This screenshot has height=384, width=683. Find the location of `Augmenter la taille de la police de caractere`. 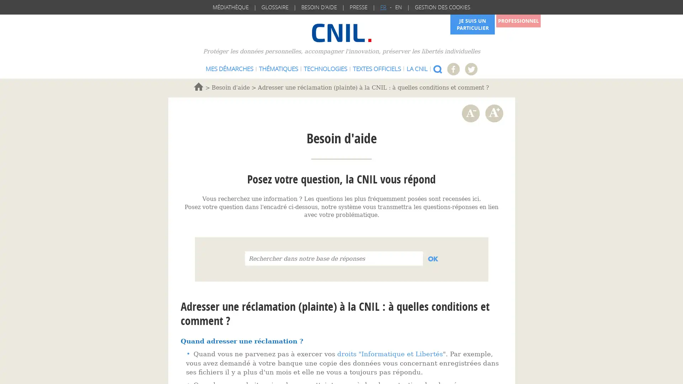

Augmenter la taille de la police de caractere is located at coordinates (493, 113).